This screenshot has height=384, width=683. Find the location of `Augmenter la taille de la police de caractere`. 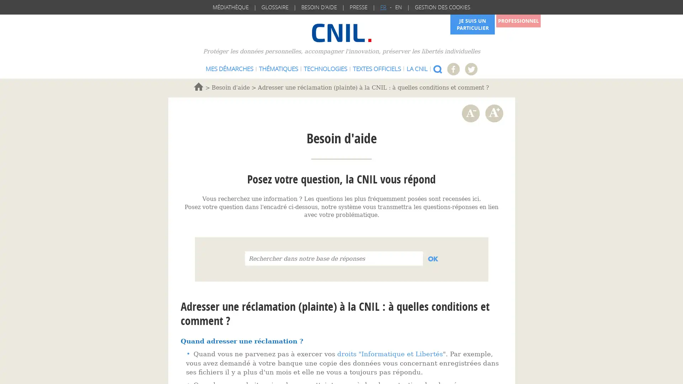

Augmenter la taille de la police de caractere is located at coordinates (493, 113).